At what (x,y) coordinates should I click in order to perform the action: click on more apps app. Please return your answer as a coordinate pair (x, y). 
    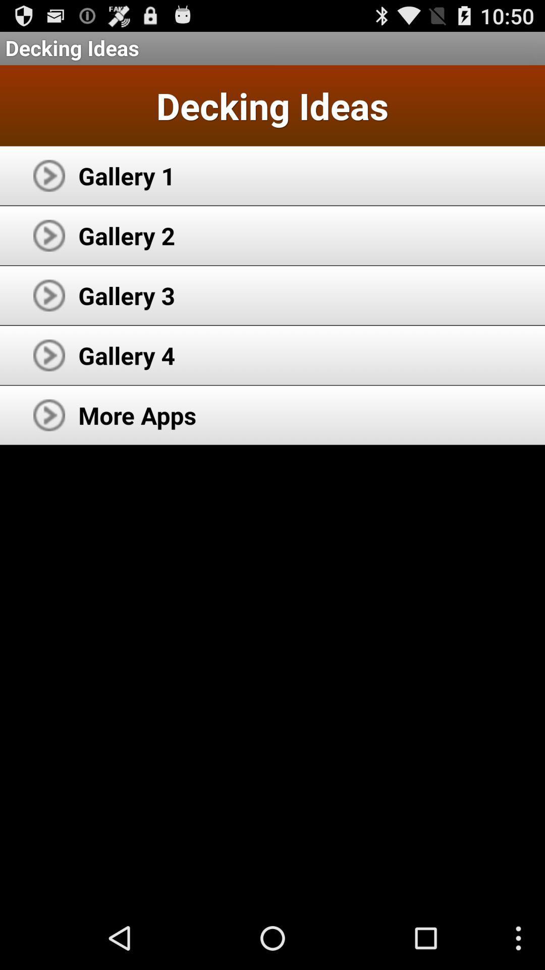
    Looking at the image, I should click on (137, 415).